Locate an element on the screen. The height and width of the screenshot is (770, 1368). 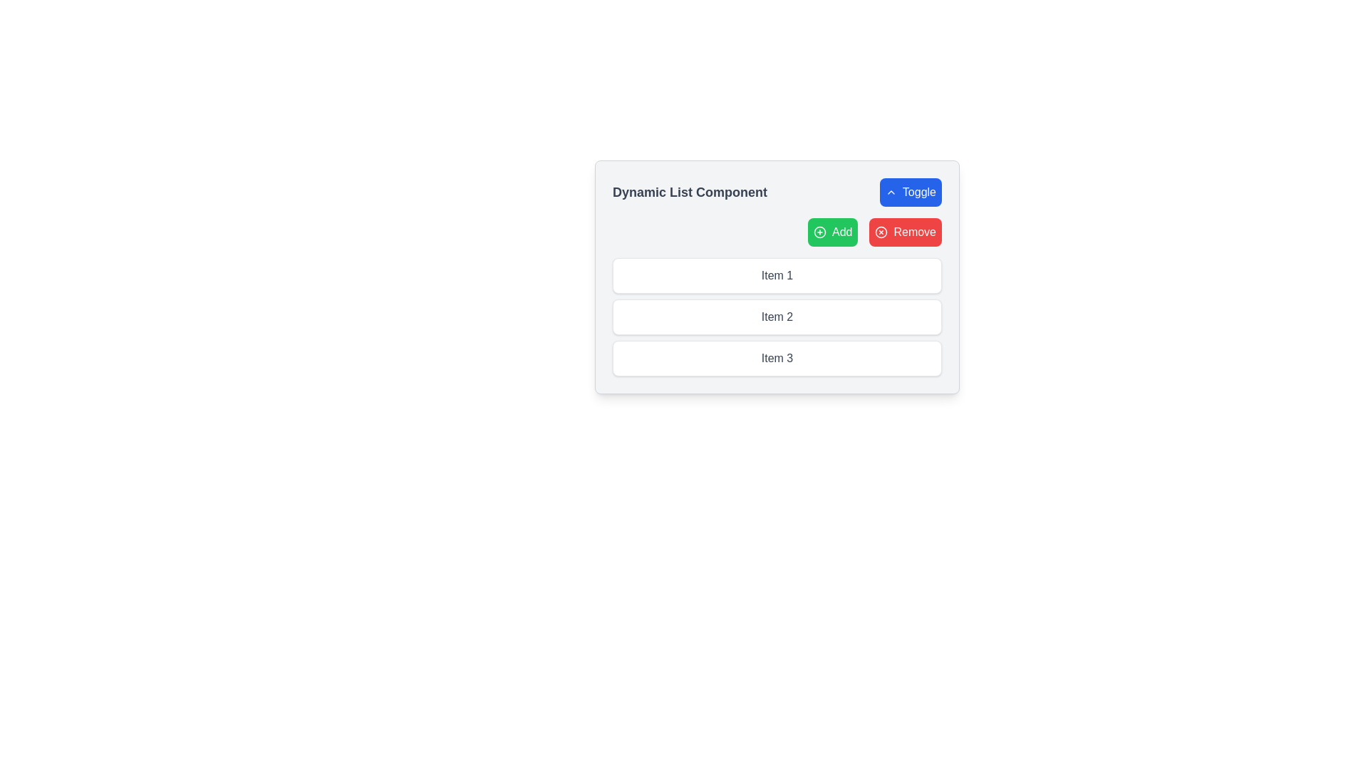
the text label that indicates the purpose of the green 'Add' button located within the 'Dynamic List Component' is located at coordinates (842, 232).